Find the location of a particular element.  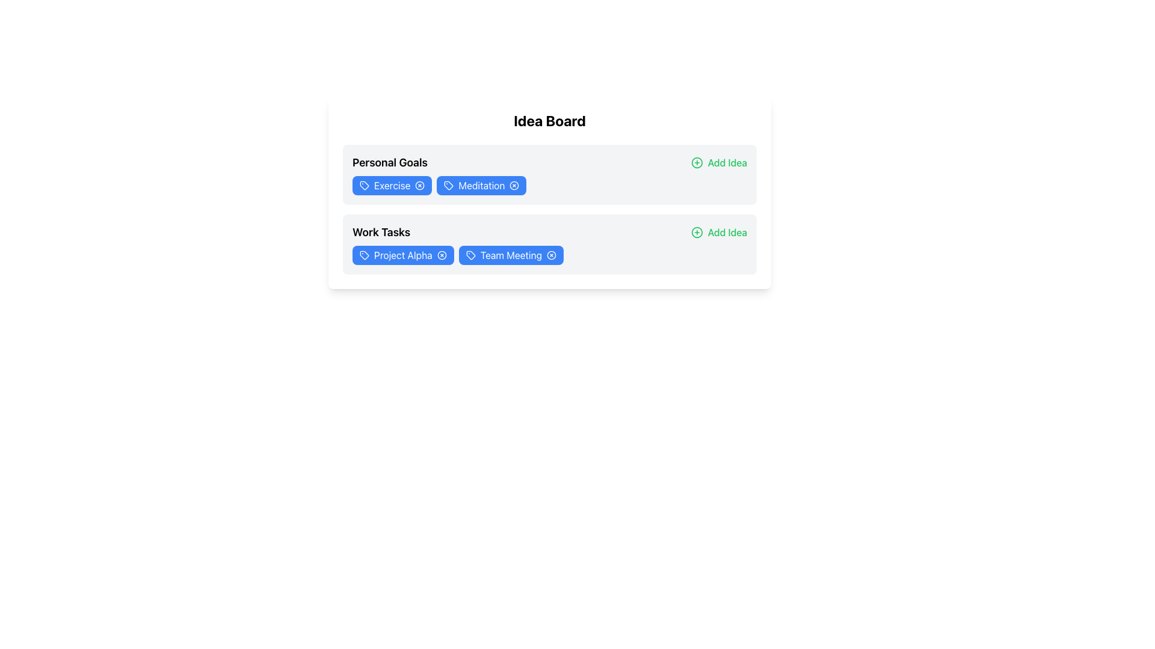

the decorative circular shape within the 'Team Meeting' tag in the 'Work Tasks' section is located at coordinates (551, 254).